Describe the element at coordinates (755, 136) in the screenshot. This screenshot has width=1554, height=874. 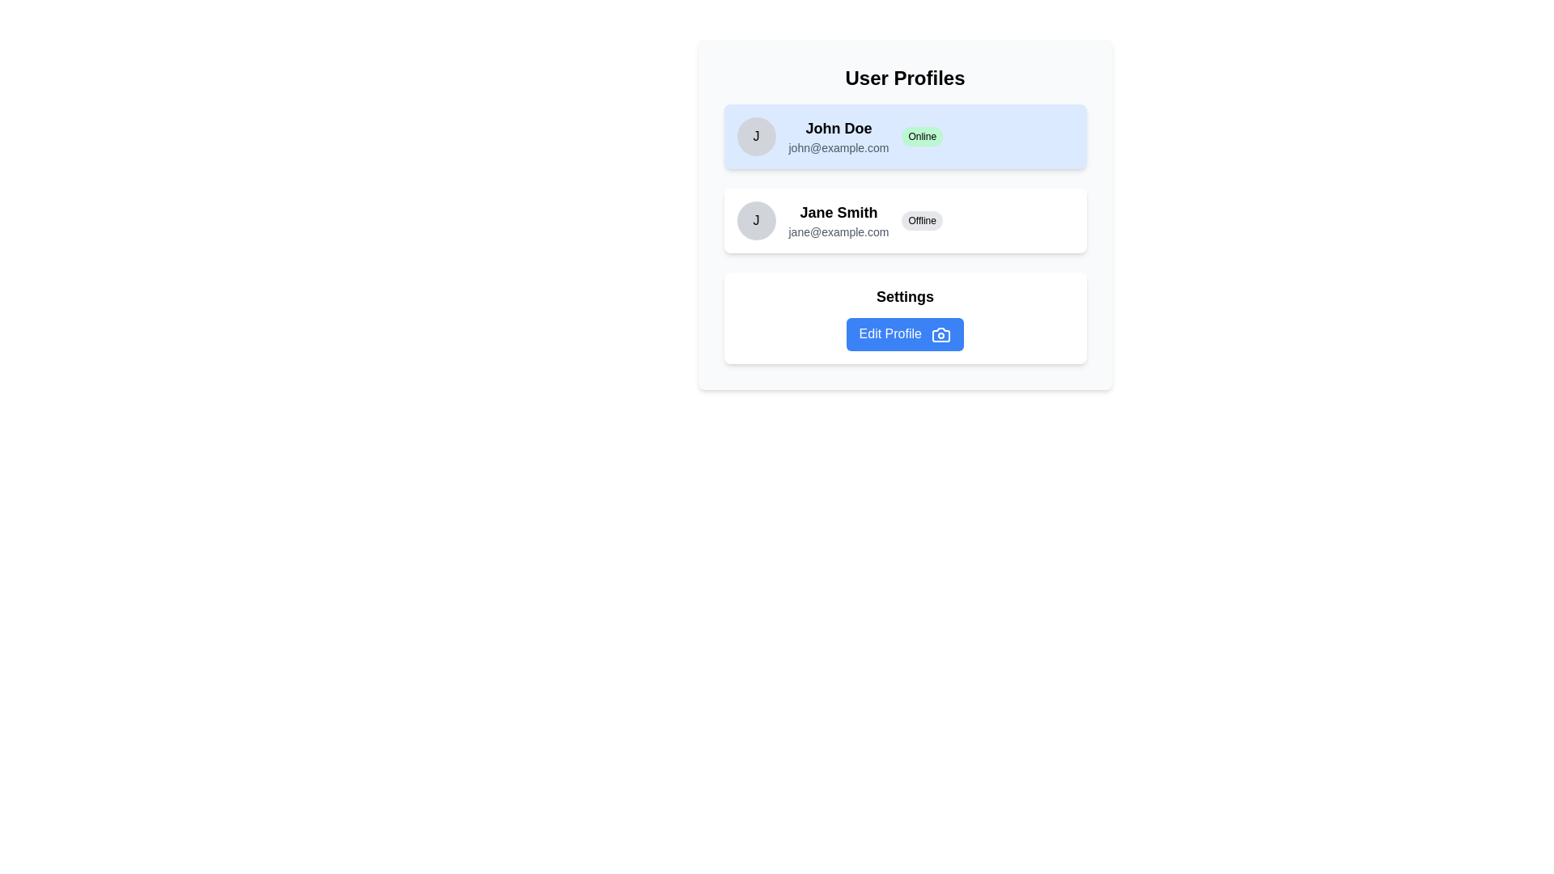
I see `the circular avatar placeholder with a gray background and the letter 'J' in bold black font, located at the leftmost end of the profile card preceding 'John Doe' and 'Online' status` at that location.